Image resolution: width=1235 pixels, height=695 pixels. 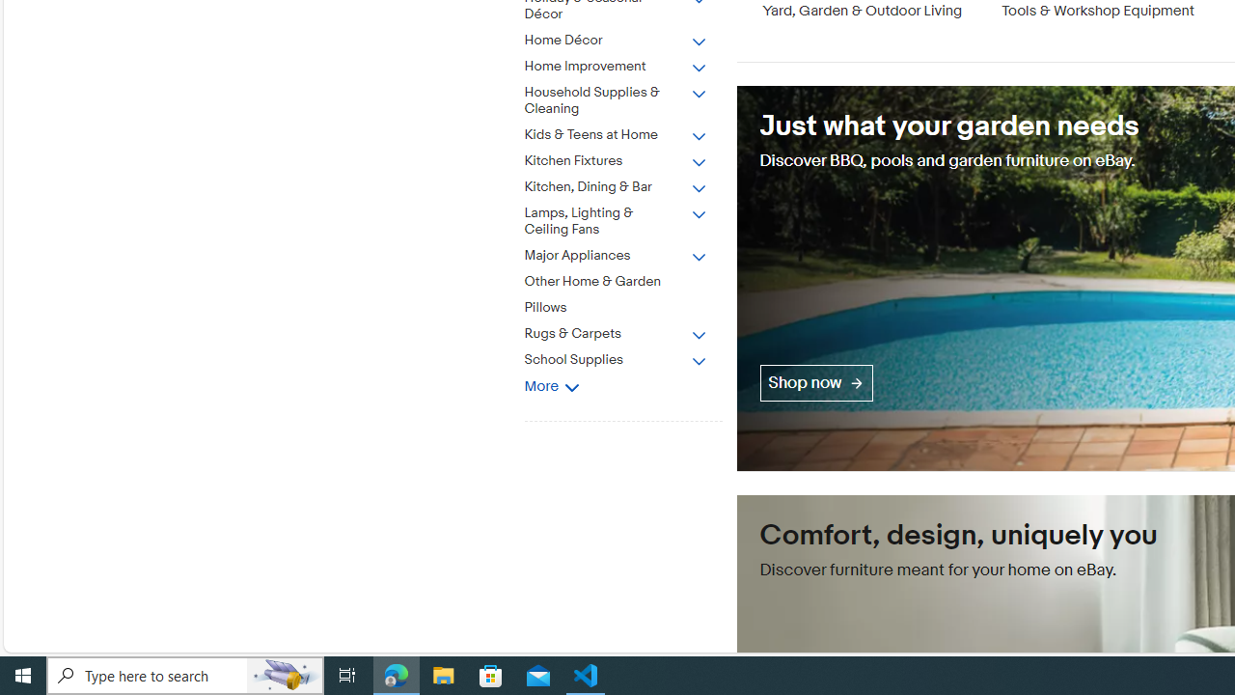 What do you see at coordinates (615, 187) in the screenshot?
I see `'Kitchen, Dining & Bar'` at bounding box center [615, 187].